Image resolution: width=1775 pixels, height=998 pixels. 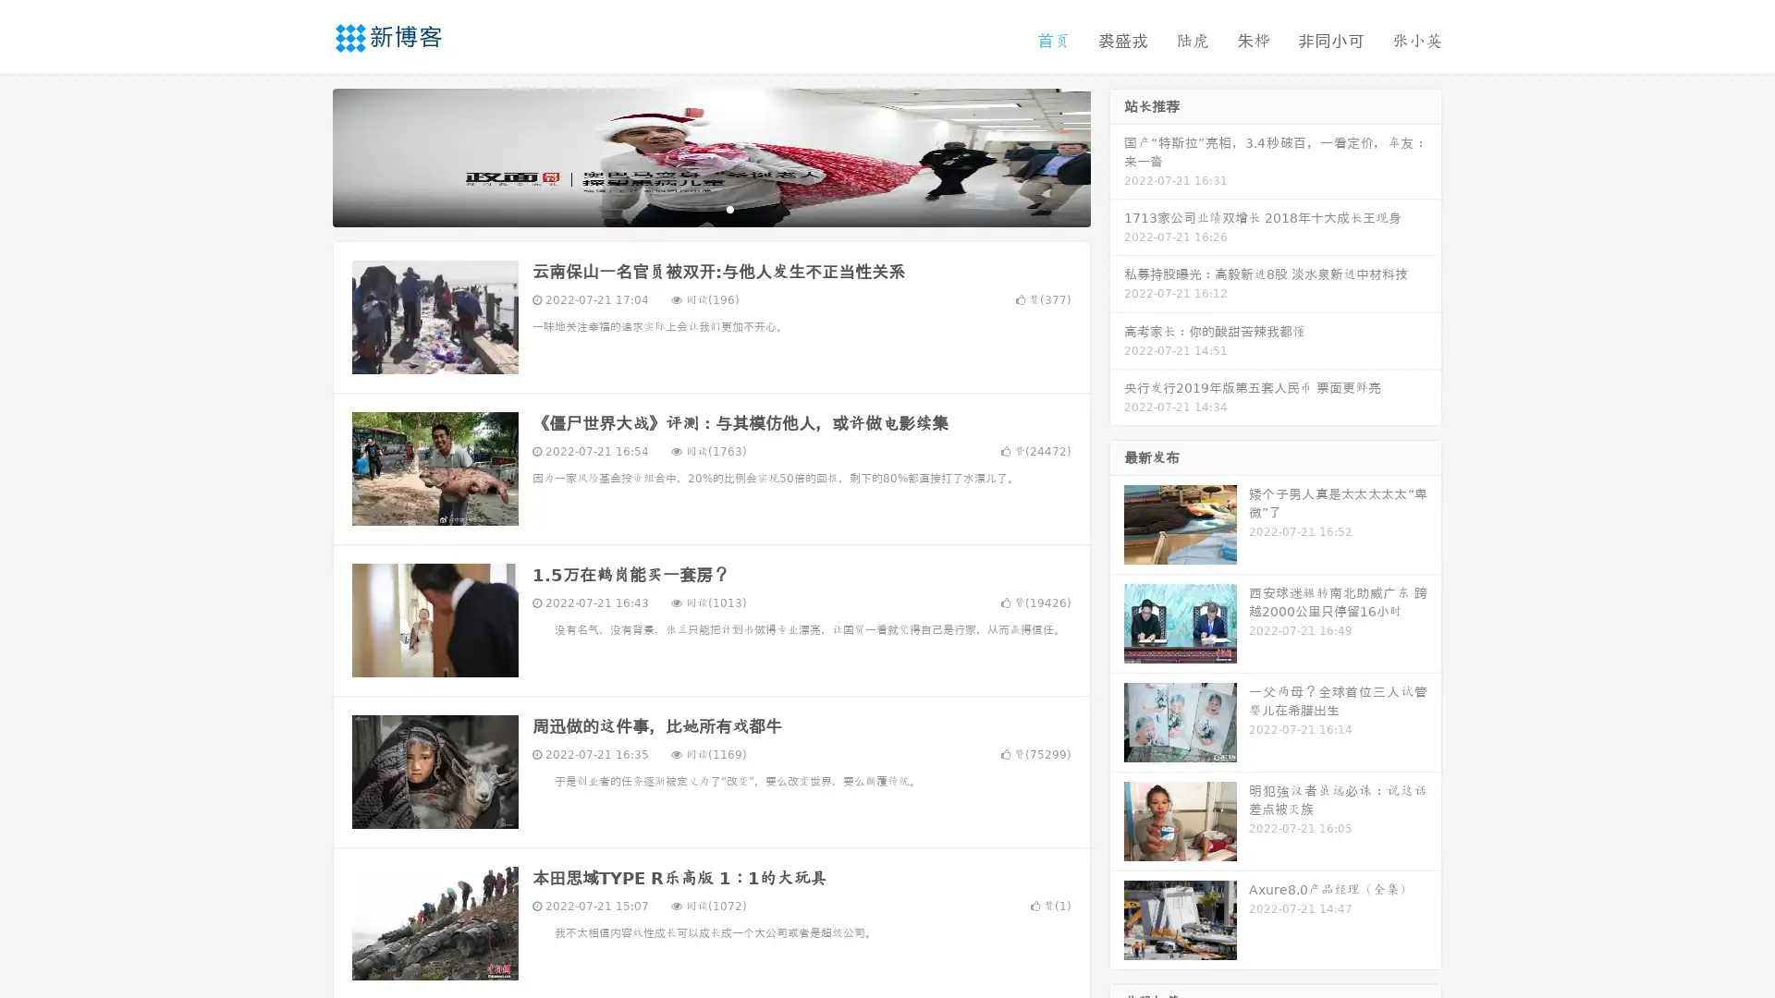 What do you see at coordinates (305, 155) in the screenshot?
I see `Previous slide` at bounding box center [305, 155].